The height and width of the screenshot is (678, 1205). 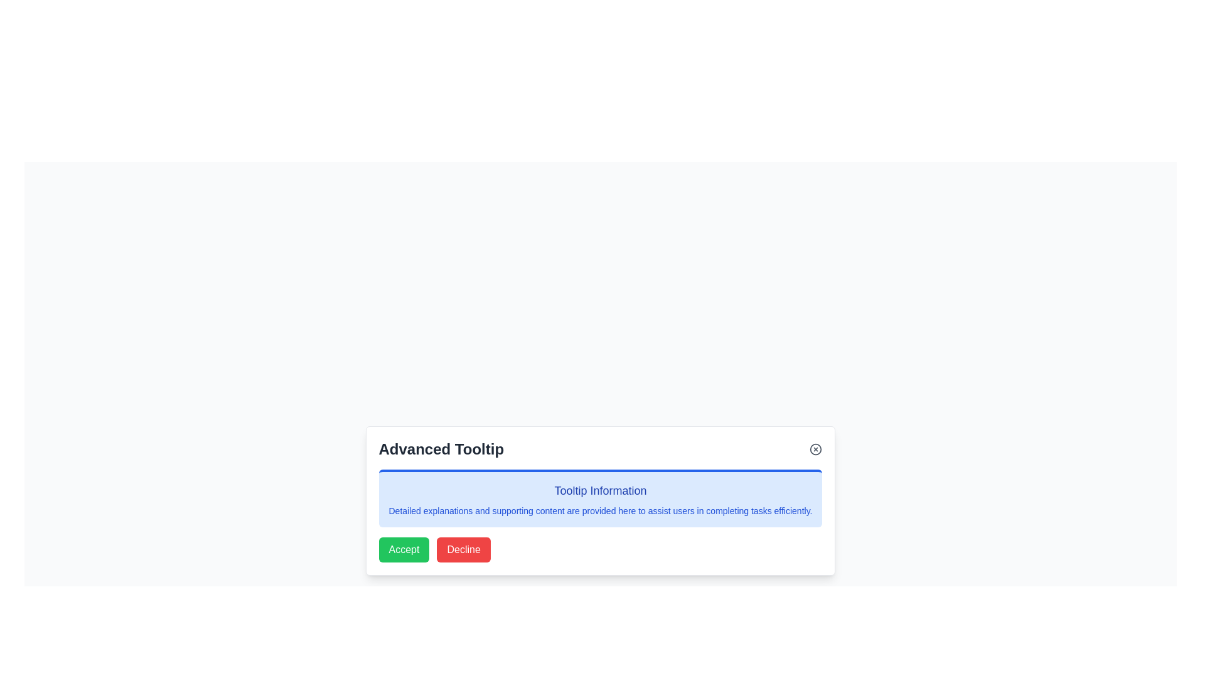 I want to click on the Tooltip element, which is a rectangular informational box with a light blue background and bold blue header, displaying 'Tooltip Information', so click(x=599, y=498).